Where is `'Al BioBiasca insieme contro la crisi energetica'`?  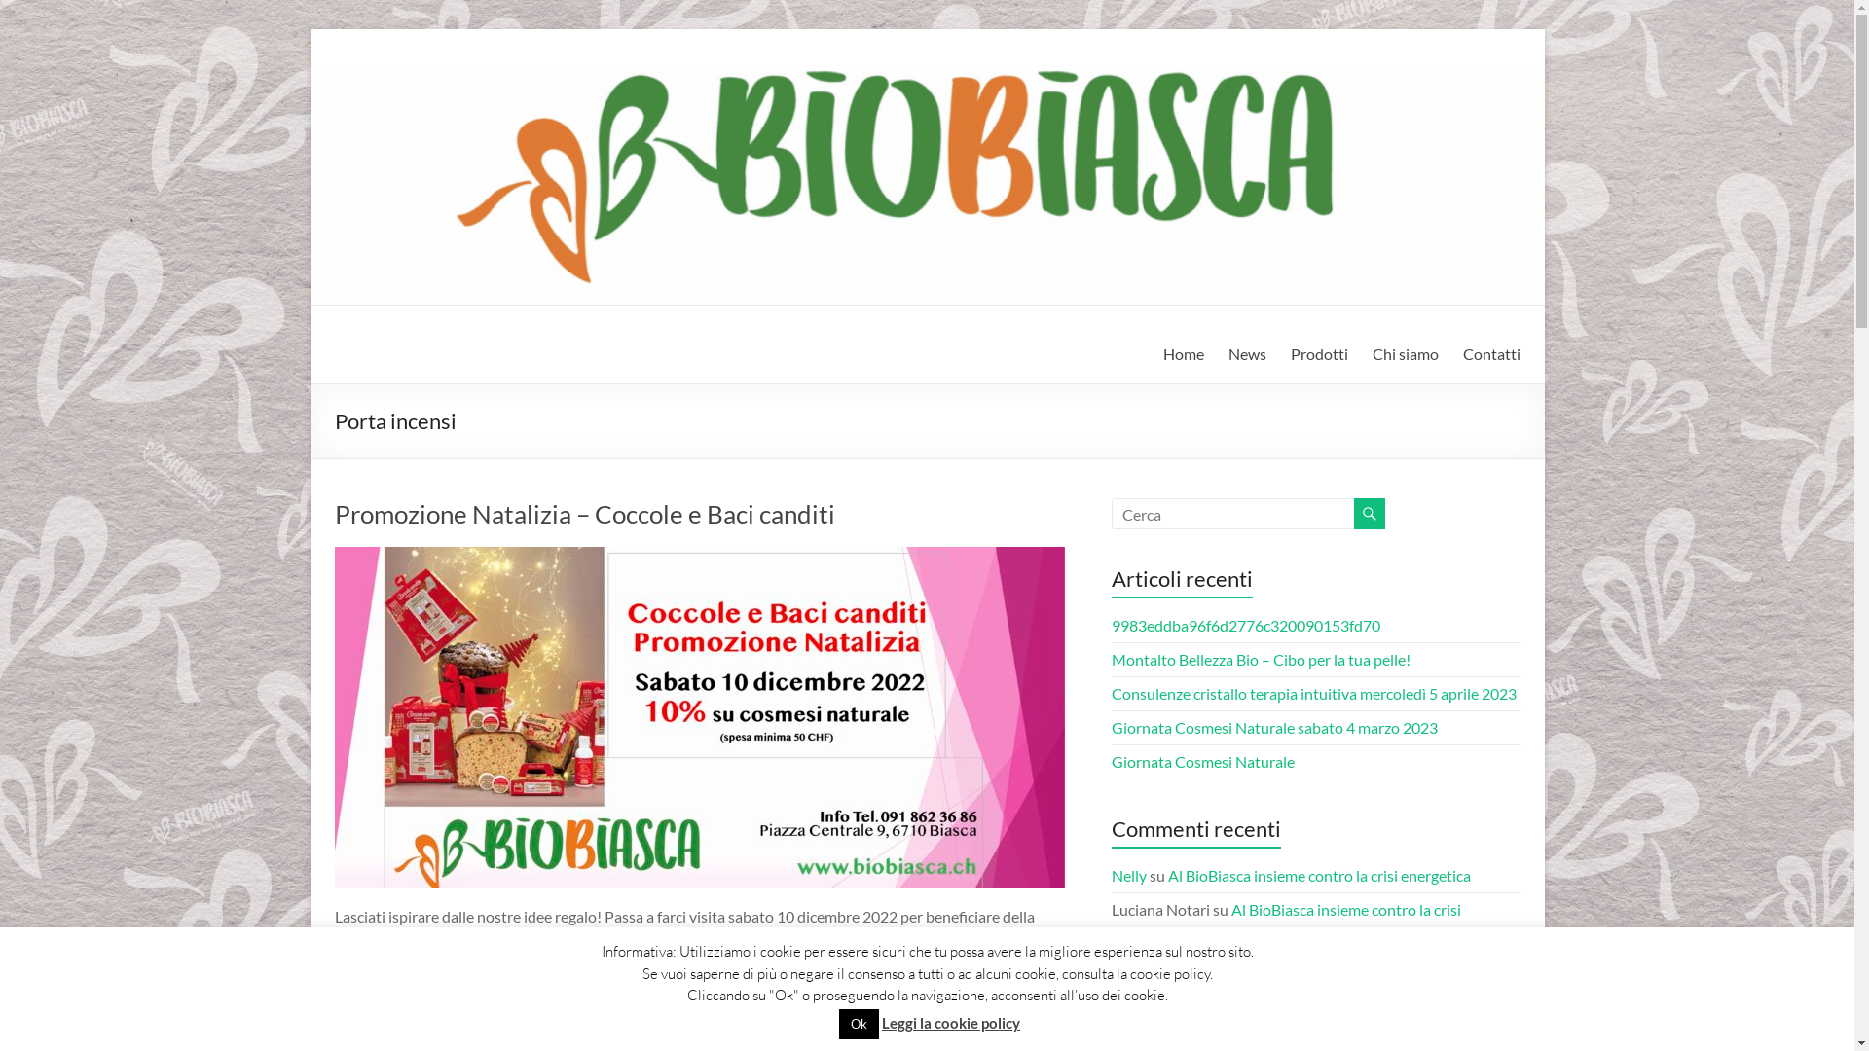
'Al BioBiasca insieme contro la crisi energetica' is located at coordinates (1319, 874).